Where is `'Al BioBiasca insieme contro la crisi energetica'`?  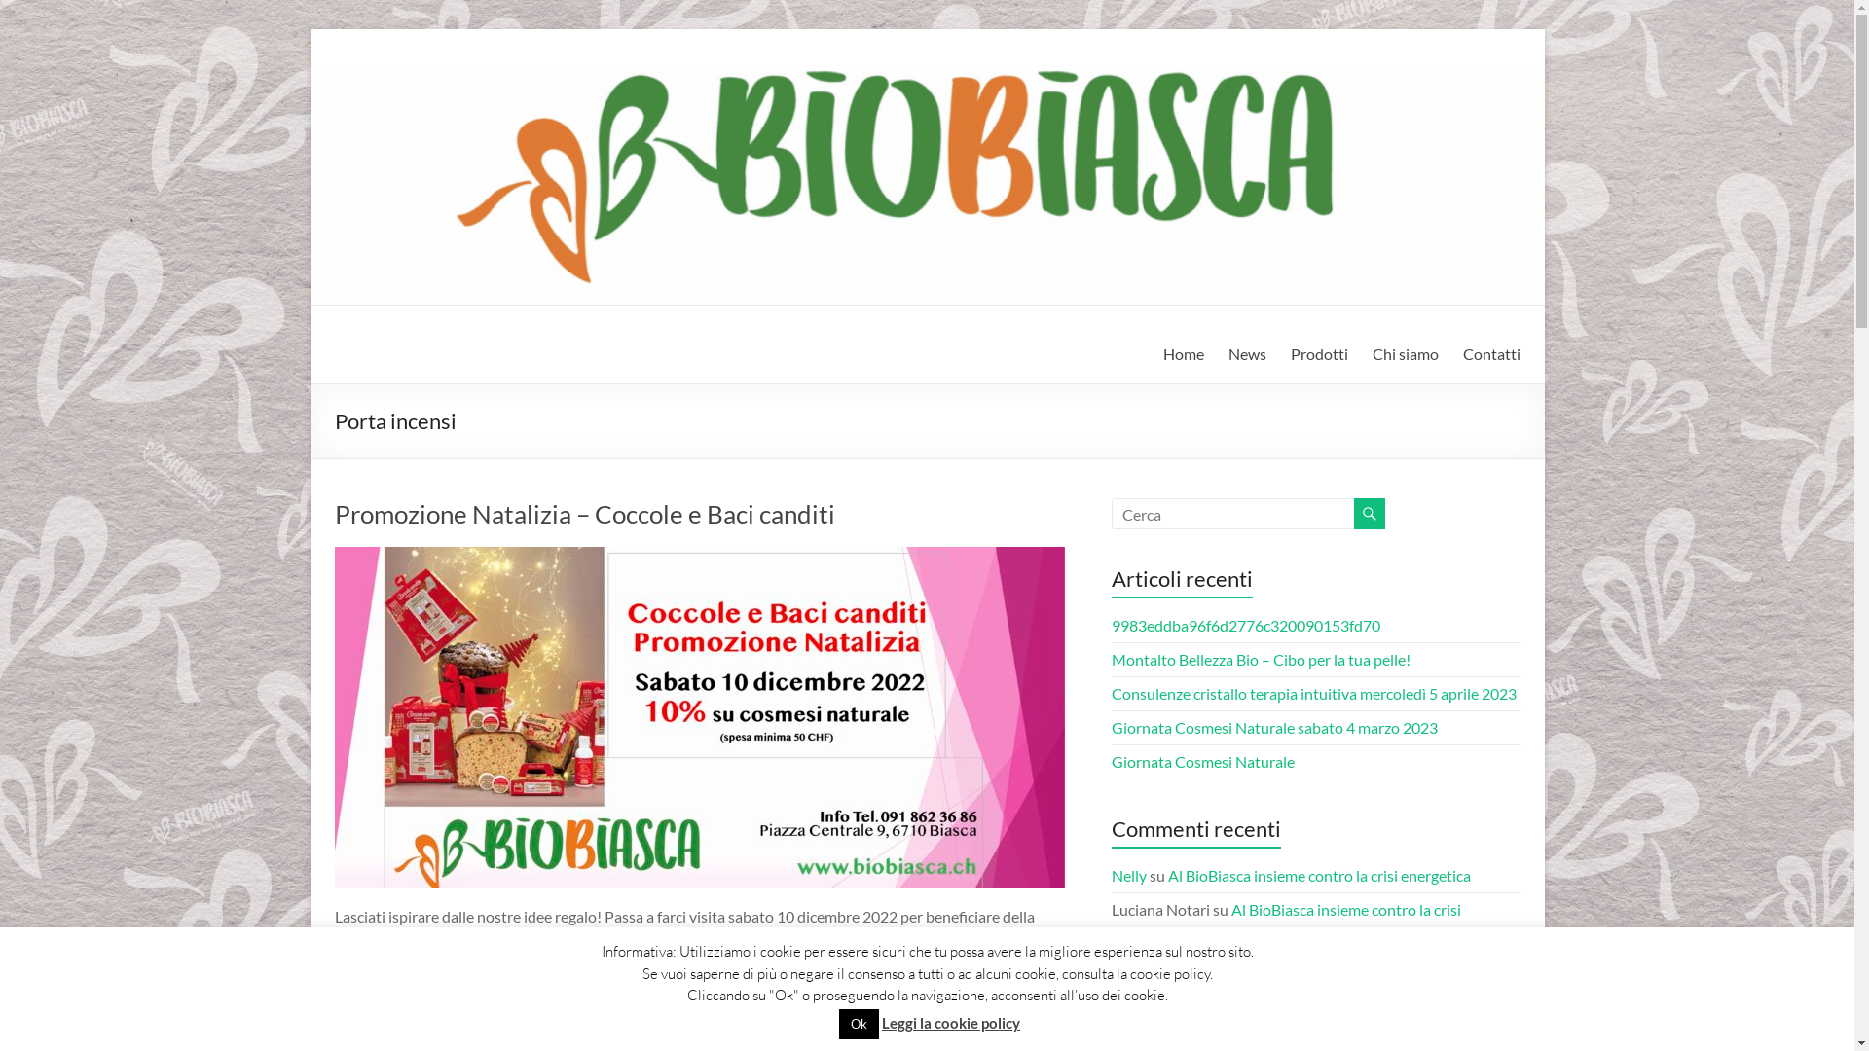
'Al BioBiasca insieme contro la crisi energetica' is located at coordinates (1319, 874).